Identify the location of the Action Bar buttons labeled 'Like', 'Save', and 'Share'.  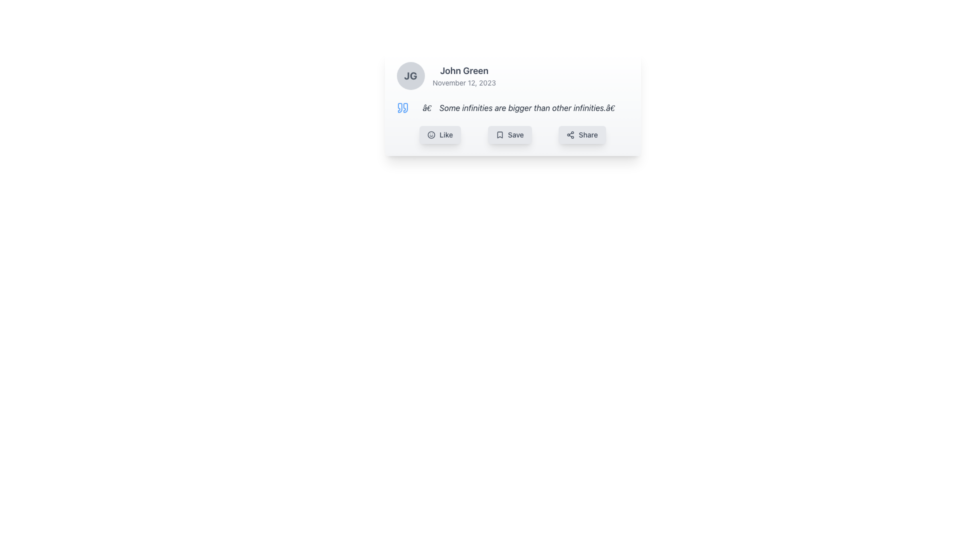
(513, 135).